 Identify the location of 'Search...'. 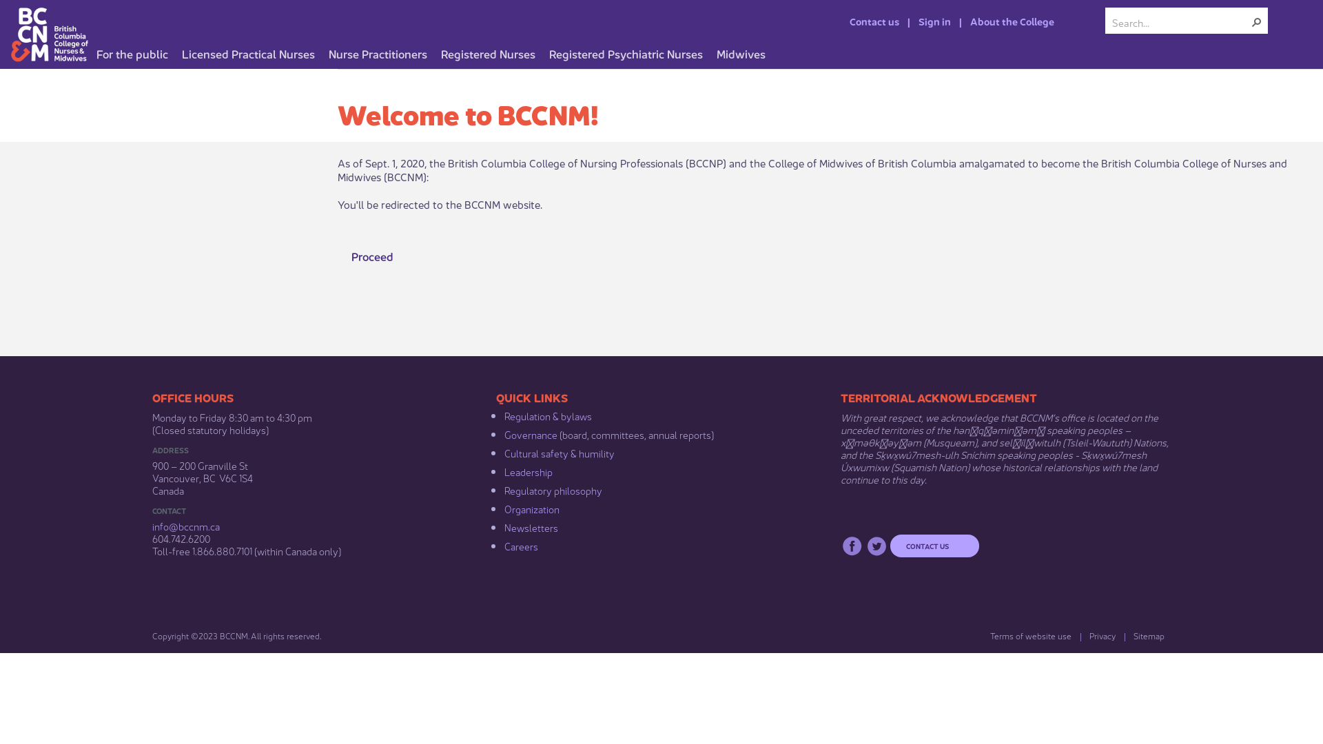
(1180, 21).